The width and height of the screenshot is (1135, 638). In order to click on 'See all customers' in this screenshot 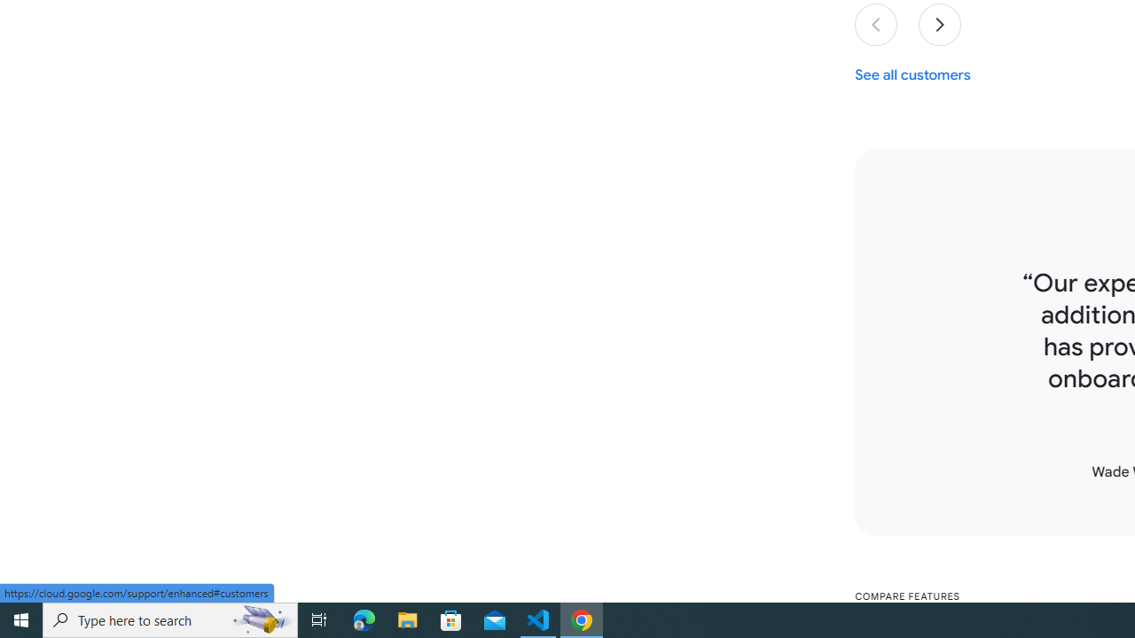, I will do `click(912, 73)`.